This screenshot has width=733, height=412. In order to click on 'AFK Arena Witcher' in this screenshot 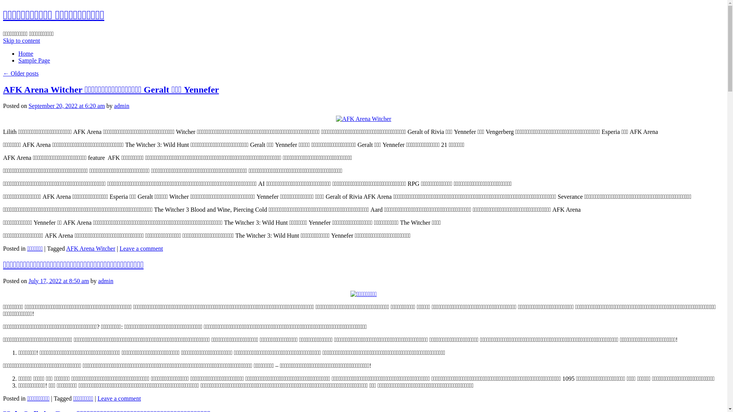, I will do `click(66, 248)`.